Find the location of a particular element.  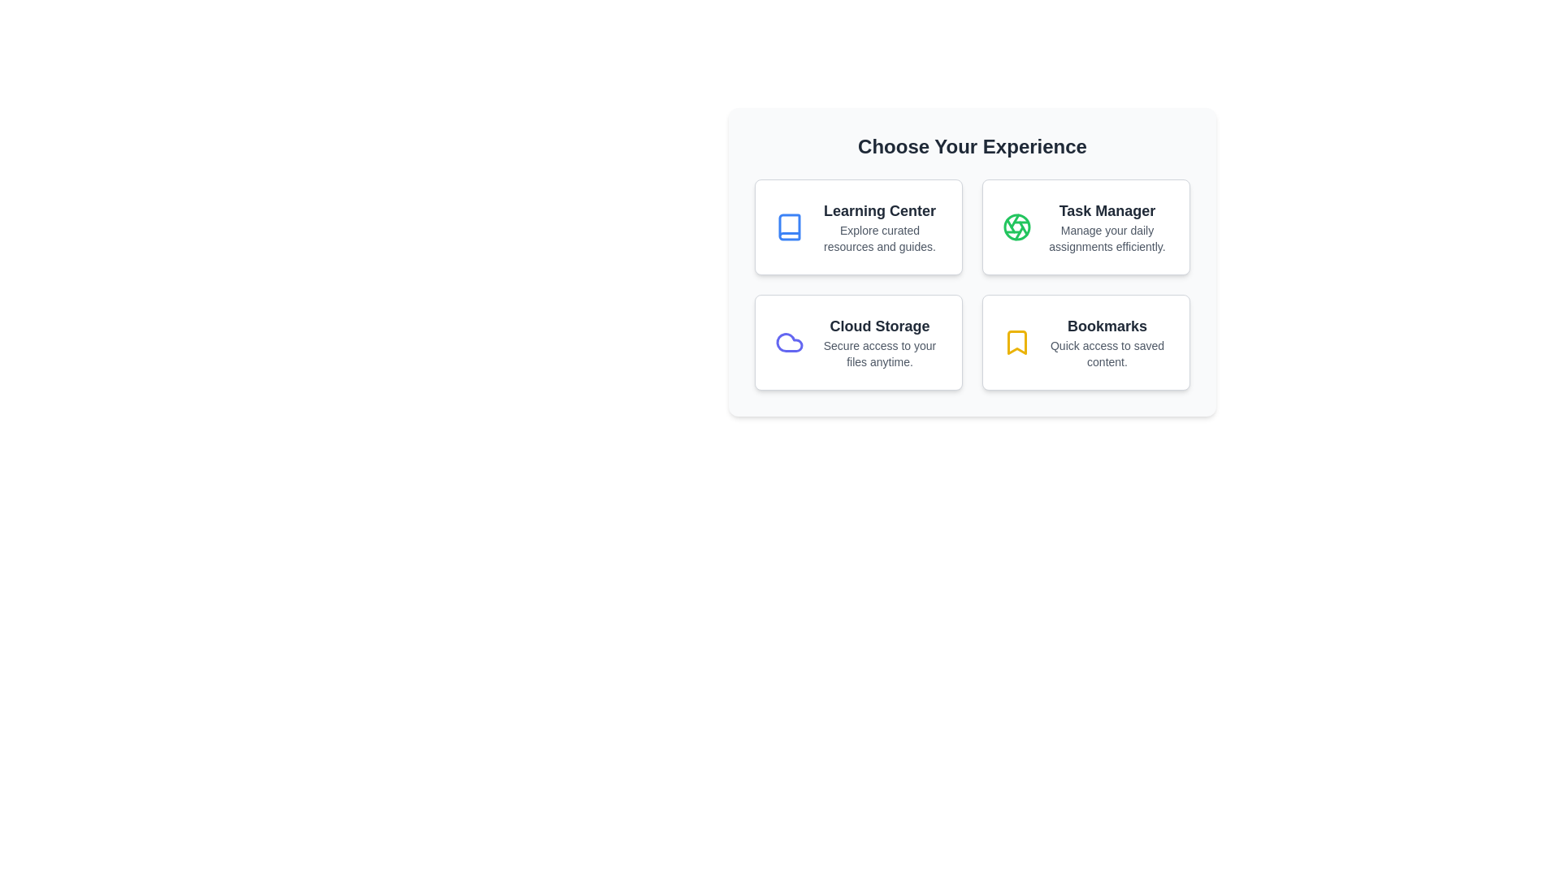

the cloud storage SVG icon located at the top-left corner of the 'Cloud Storage' card, which is positioned in the bottom-left quadrant of the grid under the heading 'Choose Your Experience' is located at coordinates (789, 341).